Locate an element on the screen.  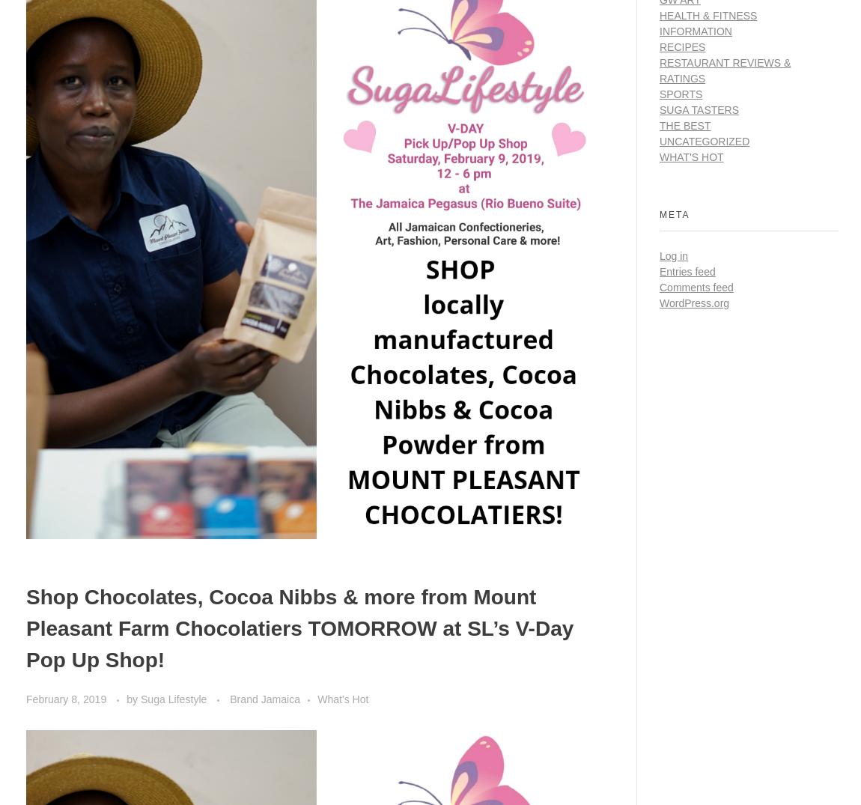
'Uncategorized' is located at coordinates (705, 141).